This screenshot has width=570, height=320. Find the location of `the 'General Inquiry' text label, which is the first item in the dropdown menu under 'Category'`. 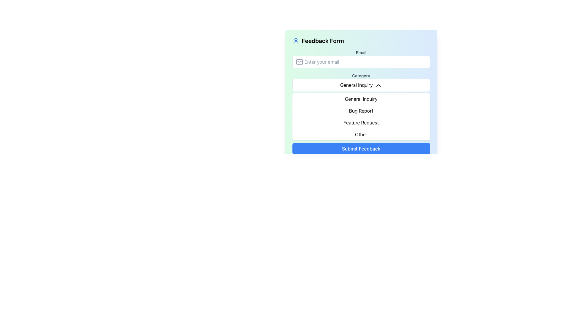

the 'General Inquiry' text label, which is the first item in the dropdown menu under 'Category' is located at coordinates (361, 98).